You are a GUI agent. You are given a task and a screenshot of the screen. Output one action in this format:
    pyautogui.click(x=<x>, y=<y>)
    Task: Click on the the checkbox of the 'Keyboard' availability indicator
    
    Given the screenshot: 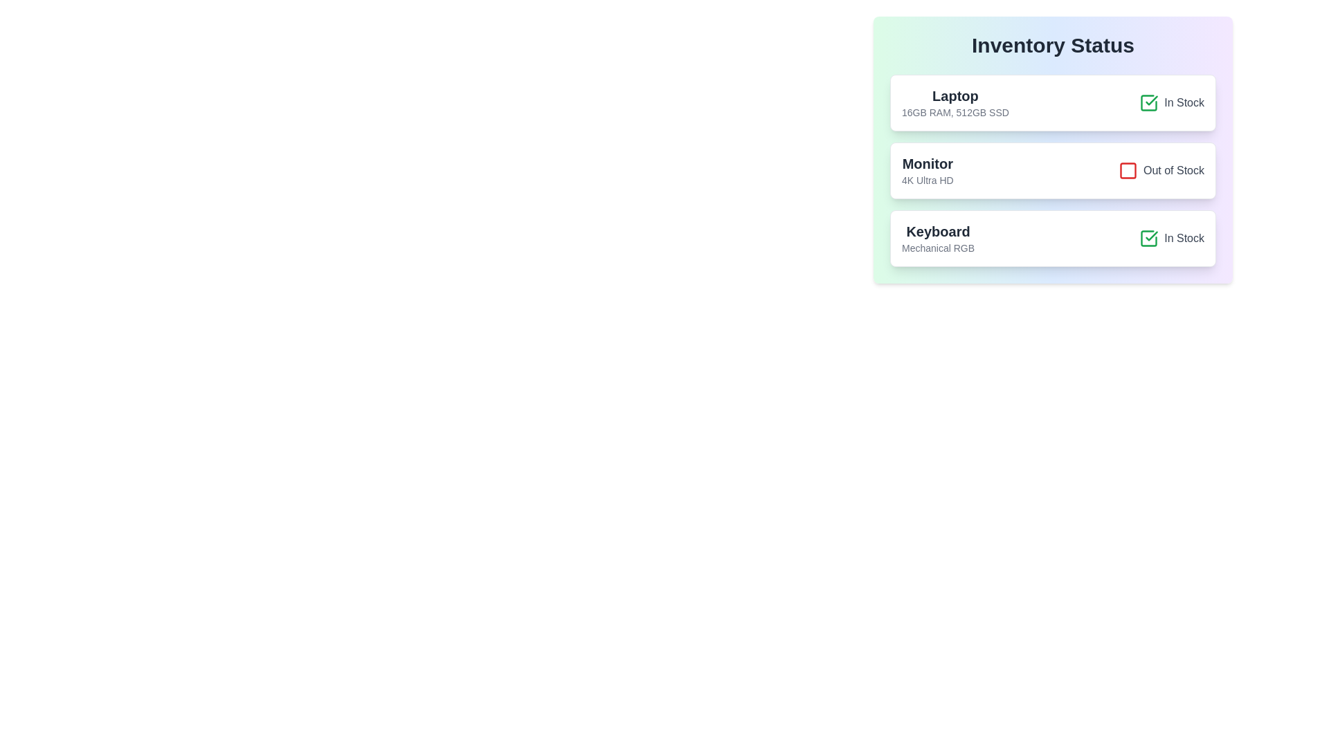 What is the action you would take?
    pyautogui.click(x=1171, y=237)
    